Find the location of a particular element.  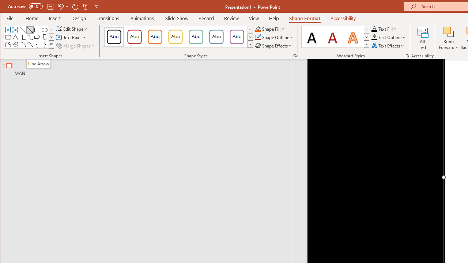

'Bring Forward' is located at coordinates (448, 31).